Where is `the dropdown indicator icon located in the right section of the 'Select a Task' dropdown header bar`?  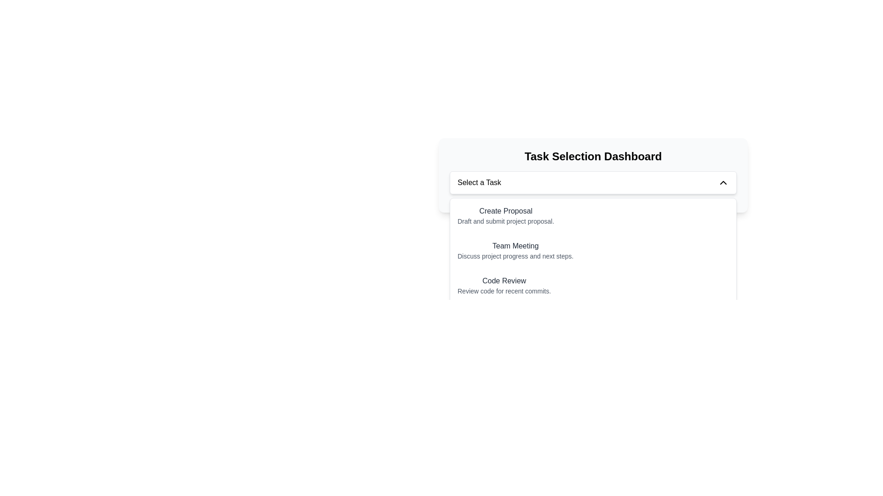
the dropdown indicator icon located in the right section of the 'Select a Task' dropdown header bar is located at coordinates (723, 182).